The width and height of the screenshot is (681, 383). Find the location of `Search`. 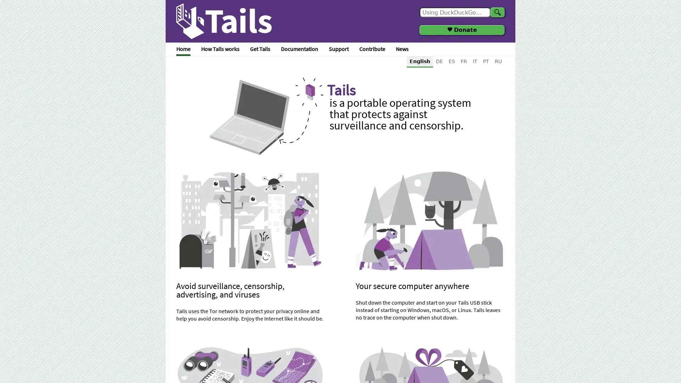

Search is located at coordinates (497, 12).